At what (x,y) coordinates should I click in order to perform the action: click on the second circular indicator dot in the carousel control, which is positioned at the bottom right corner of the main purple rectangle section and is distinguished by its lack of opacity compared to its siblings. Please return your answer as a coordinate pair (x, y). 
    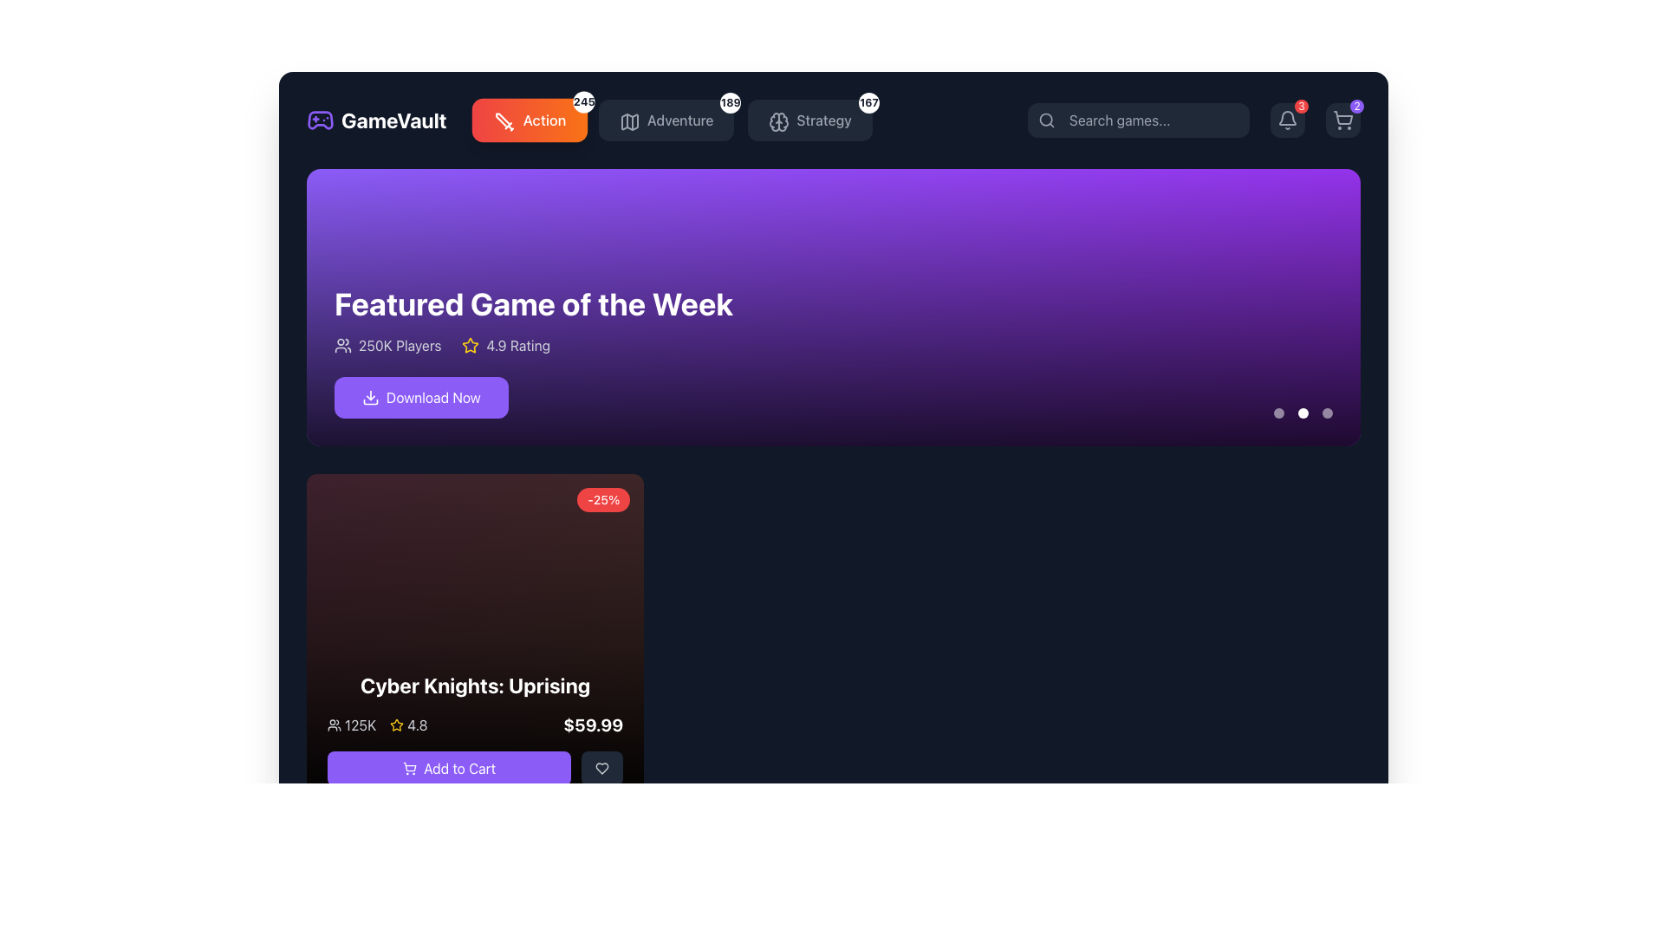
    Looking at the image, I should click on (1303, 413).